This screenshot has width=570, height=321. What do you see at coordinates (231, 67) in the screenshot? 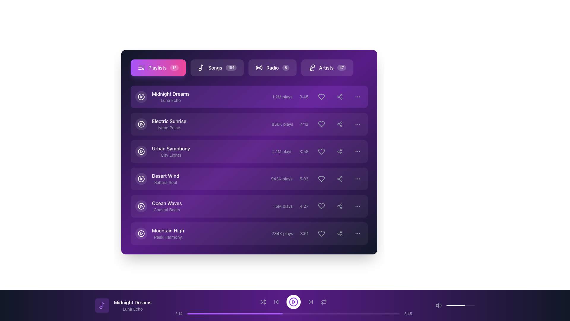
I see `the label that displays the numerical value associated with the 'Songs' category, which is located in the top navigation section next to 'Songs'` at bounding box center [231, 67].